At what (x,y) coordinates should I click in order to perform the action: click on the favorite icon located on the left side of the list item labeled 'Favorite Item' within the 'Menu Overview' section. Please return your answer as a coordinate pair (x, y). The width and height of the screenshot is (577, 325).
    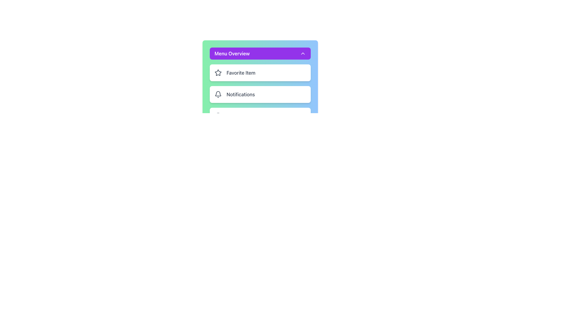
    Looking at the image, I should click on (218, 73).